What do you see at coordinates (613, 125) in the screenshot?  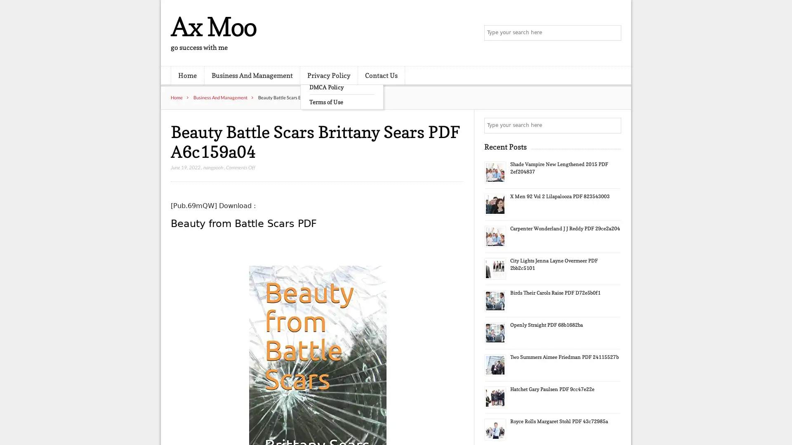 I see `Search` at bounding box center [613, 125].